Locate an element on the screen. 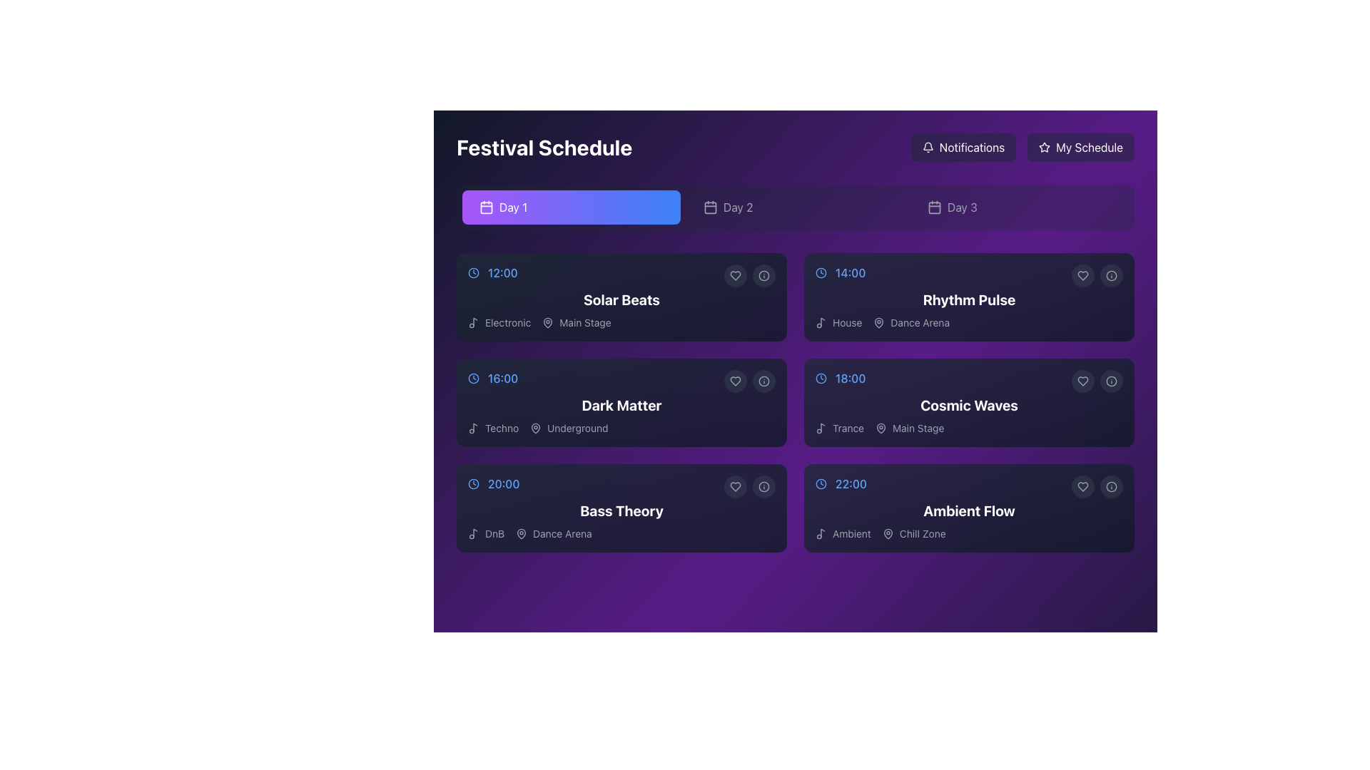 The height and width of the screenshot is (770, 1370). the 'Dance Arena' label indicator, which features a location pin icon and light gray text, located in the second column, second row of the event lineup grid, immediately after the 'House' text is located at coordinates (910, 322).